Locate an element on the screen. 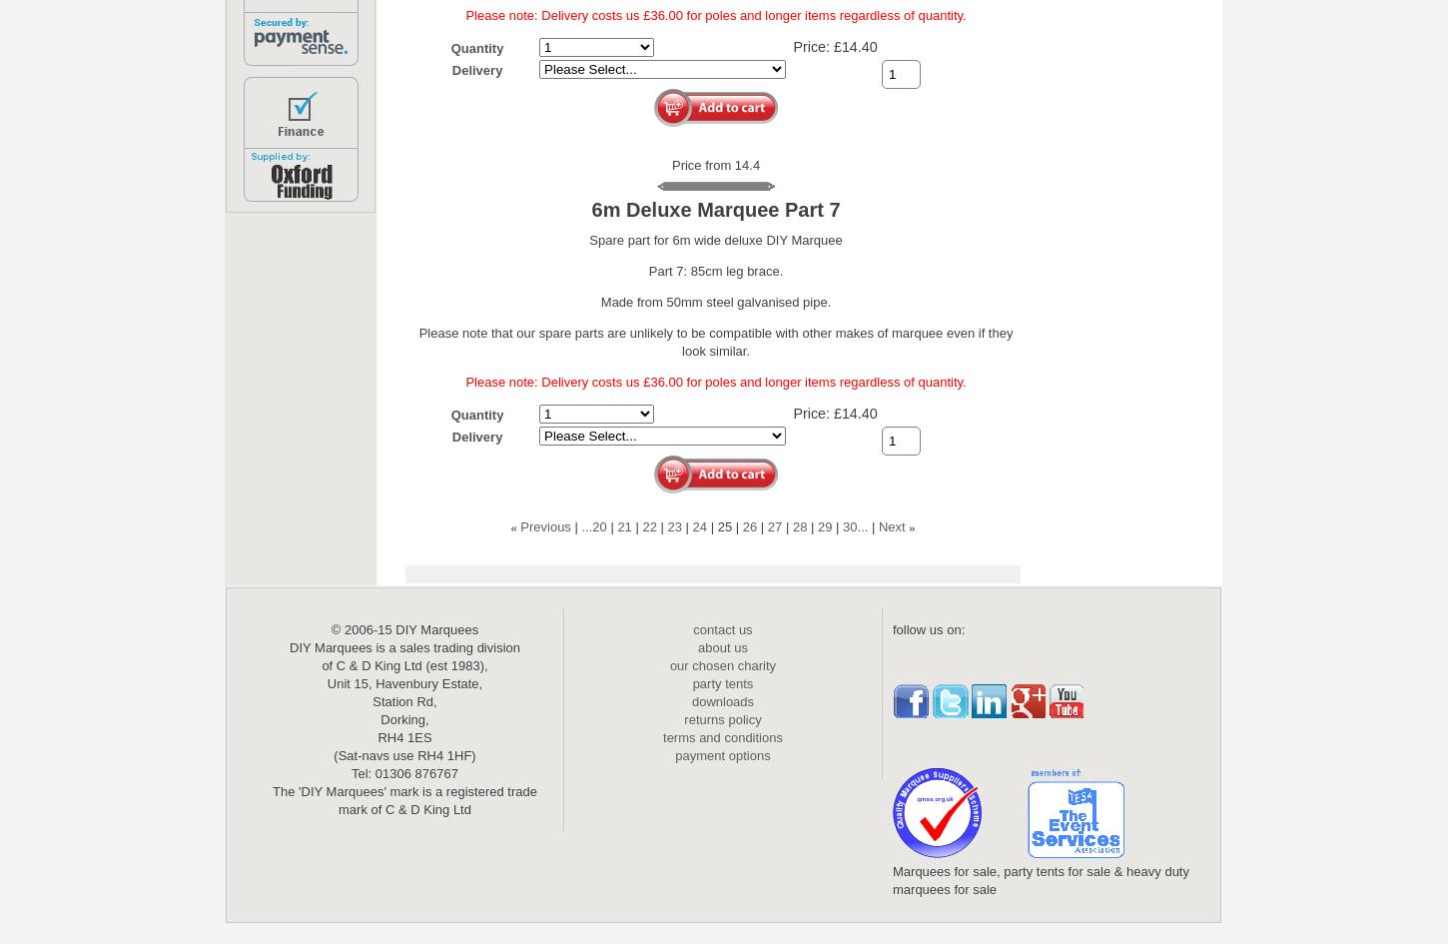  '21' is located at coordinates (622, 525).